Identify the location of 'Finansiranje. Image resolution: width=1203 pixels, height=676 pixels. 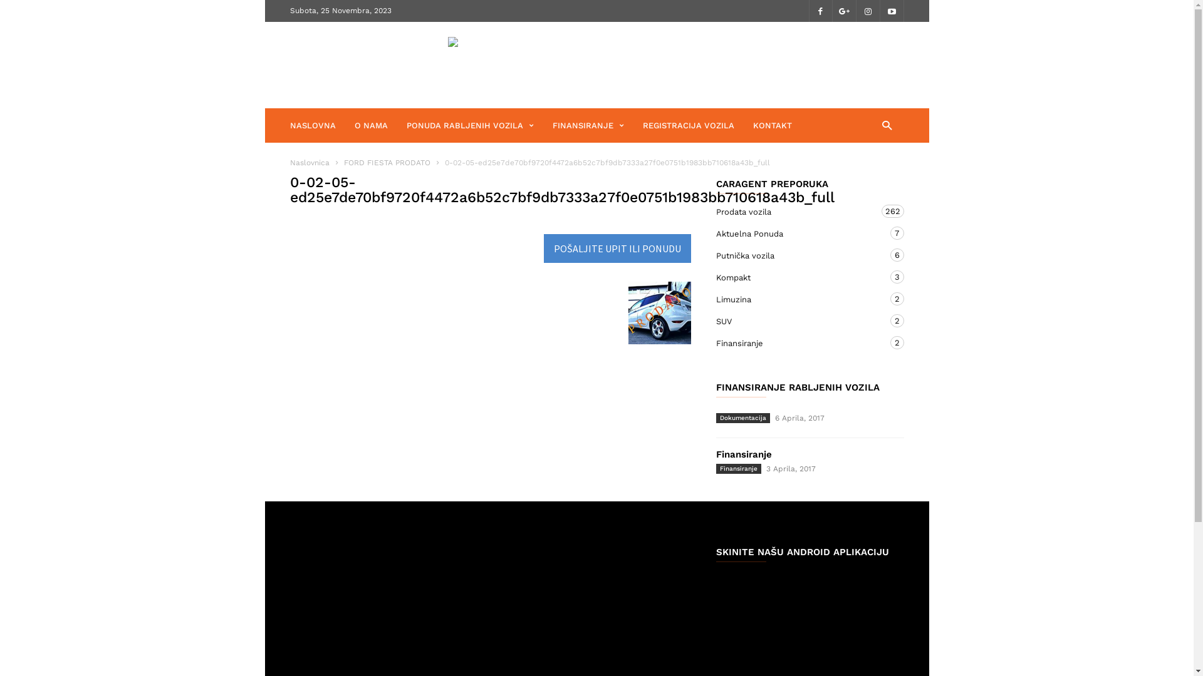
(796, 343).